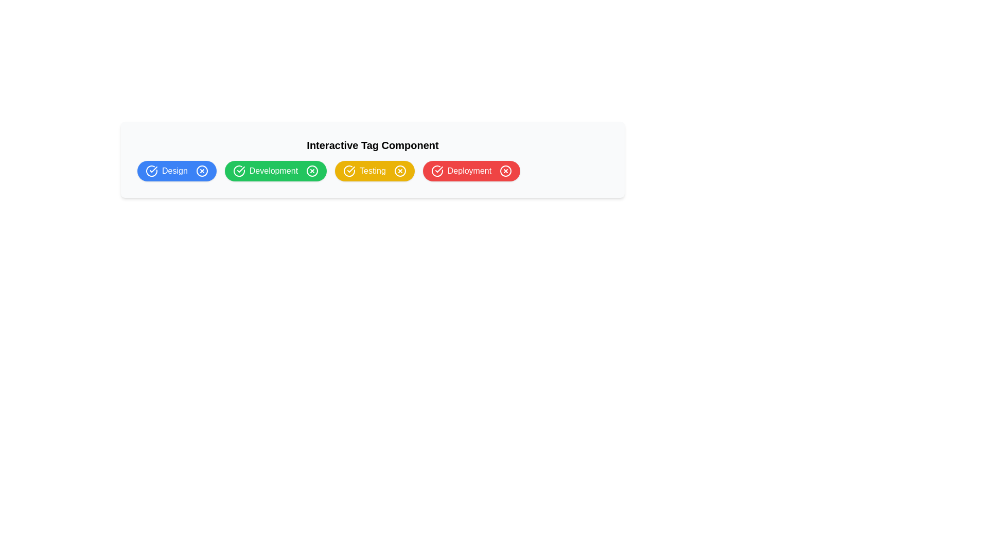  I want to click on the 'Deployment' button, which is the fourth button in a horizontal list of buttons, so click(471, 170).